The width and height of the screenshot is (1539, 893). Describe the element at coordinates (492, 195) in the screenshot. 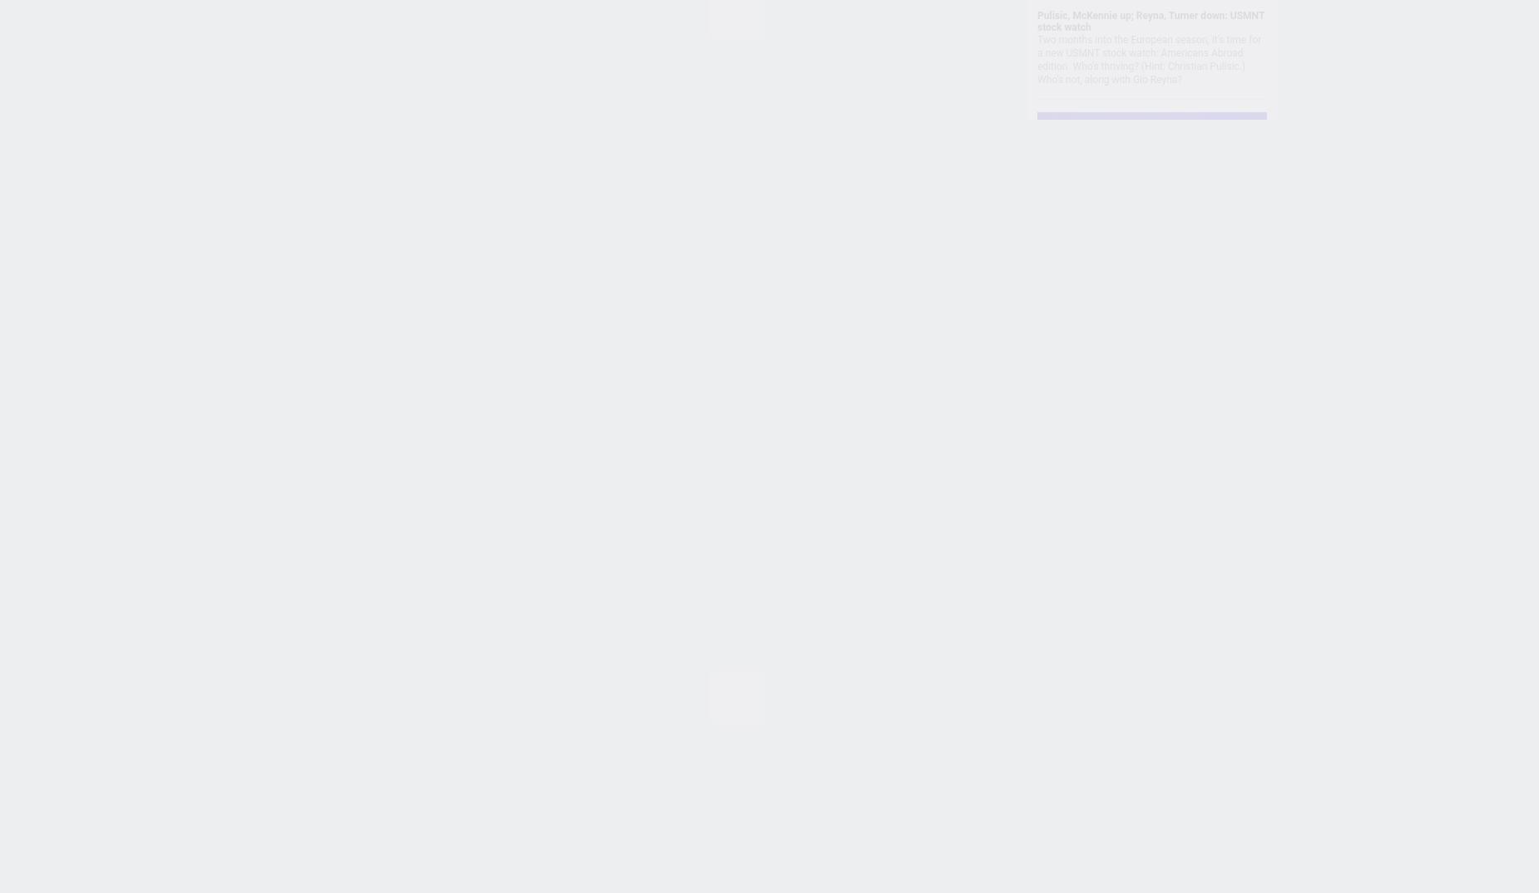

I see `'15h'` at that location.